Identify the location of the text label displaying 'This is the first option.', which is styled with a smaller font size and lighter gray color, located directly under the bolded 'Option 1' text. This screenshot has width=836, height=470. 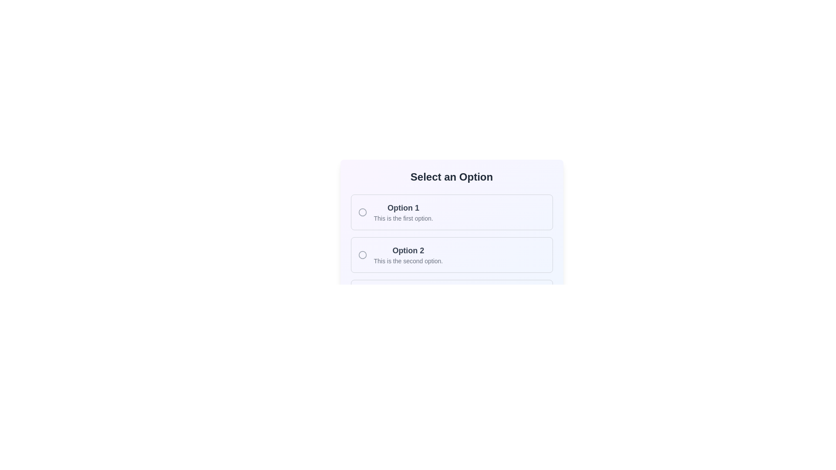
(403, 218).